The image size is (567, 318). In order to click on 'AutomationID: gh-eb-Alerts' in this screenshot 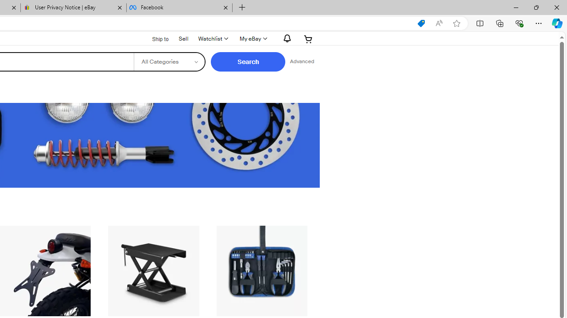, I will do `click(286, 38)`.